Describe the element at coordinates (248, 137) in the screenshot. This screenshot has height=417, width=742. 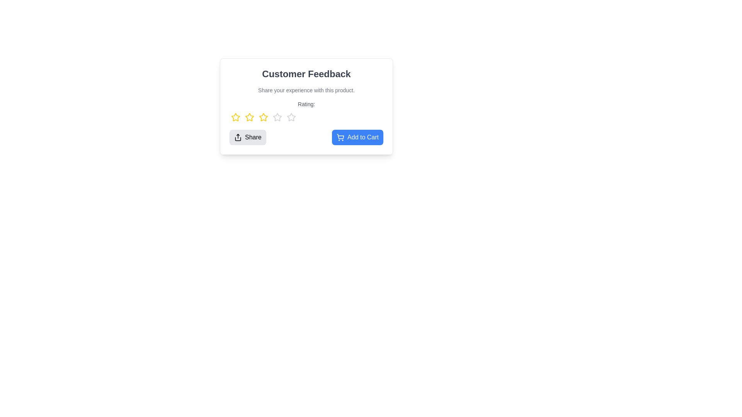
I see `the 'Share' button to initiate sharing` at that location.